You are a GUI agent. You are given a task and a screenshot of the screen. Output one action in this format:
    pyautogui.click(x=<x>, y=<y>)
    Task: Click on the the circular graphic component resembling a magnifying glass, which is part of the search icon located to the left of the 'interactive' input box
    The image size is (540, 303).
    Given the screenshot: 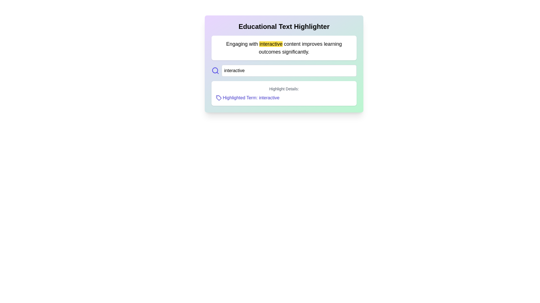 What is the action you would take?
    pyautogui.click(x=215, y=70)
    